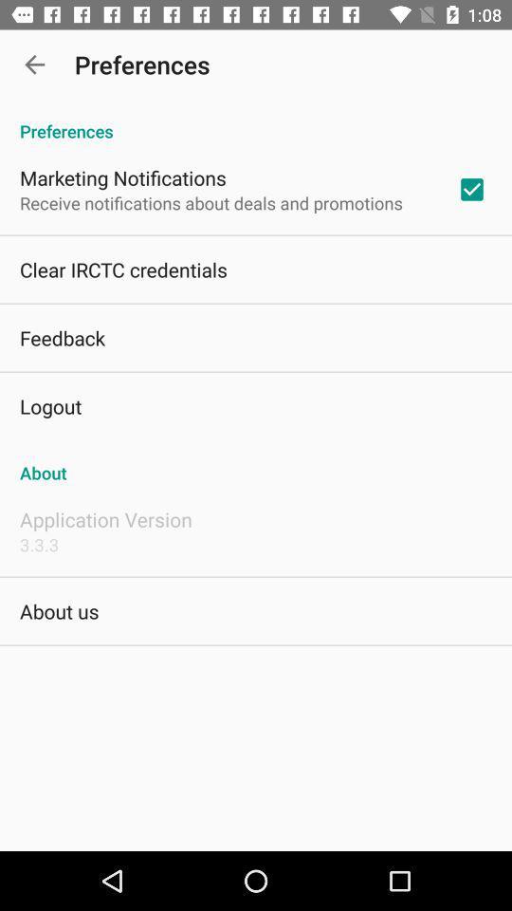 The width and height of the screenshot is (512, 911). What do you see at coordinates (210, 203) in the screenshot?
I see `item below marketing notifications icon` at bounding box center [210, 203].